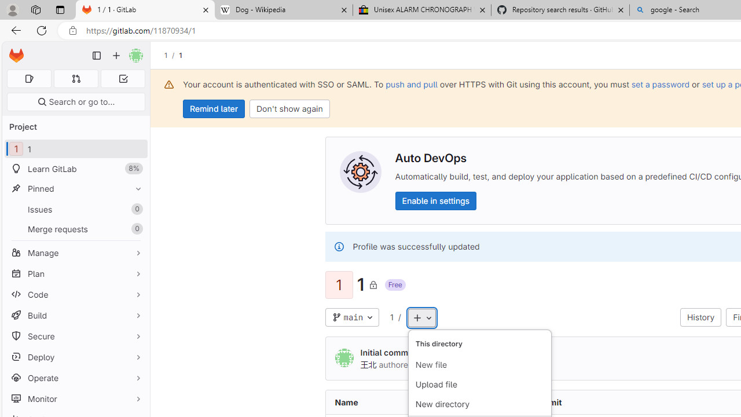 This screenshot has height=417, width=741. Describe the element at coordinates (97, 56) in the screenshot. I see `'Primary navigation sidebar'` at that location.